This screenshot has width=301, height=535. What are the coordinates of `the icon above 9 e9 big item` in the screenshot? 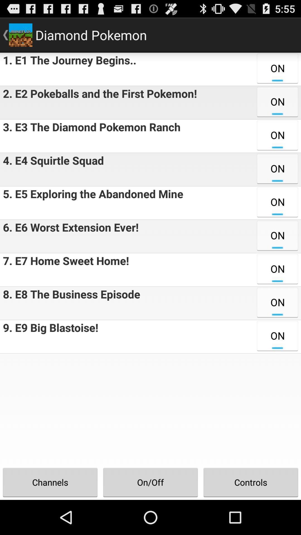 It's located at (70, 303).